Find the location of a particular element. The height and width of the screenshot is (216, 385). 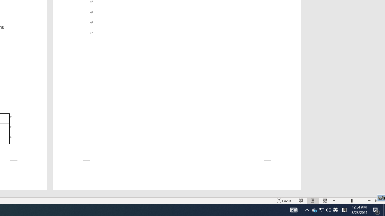

'AutomationID: 4105' is located at coordinates (294, 209).